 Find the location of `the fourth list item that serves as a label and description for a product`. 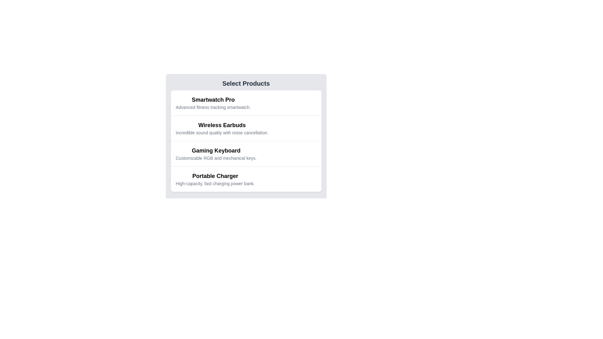

the fourth list item that serves as a label and description for a product is located at coordinates (215, 179).